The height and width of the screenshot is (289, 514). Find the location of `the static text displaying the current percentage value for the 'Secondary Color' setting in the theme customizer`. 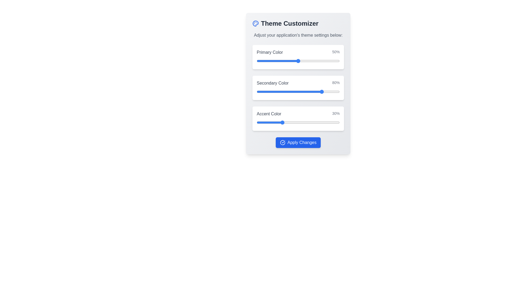

the static text displaying the current percentage value for the 'Secondary Color' setting in the theme customizer is located at coordinates (335, 83).